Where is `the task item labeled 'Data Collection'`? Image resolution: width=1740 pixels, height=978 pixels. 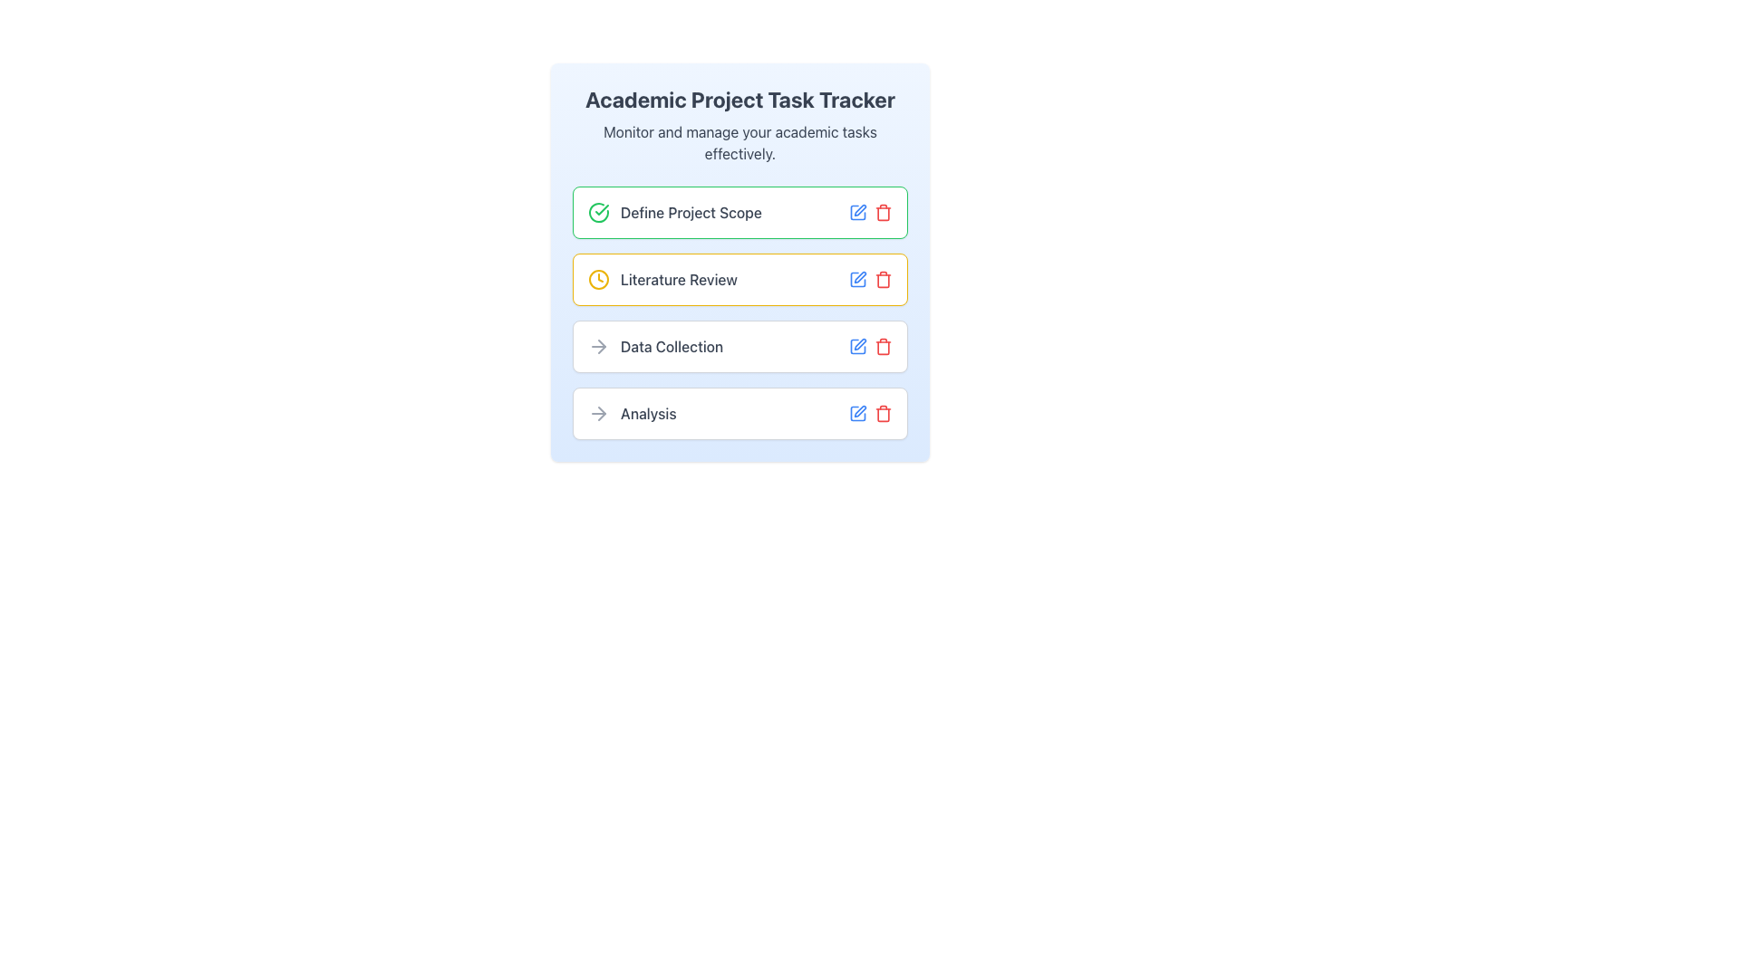 the task item labeled 'Data Collection' is located at coordinates (739, 346).